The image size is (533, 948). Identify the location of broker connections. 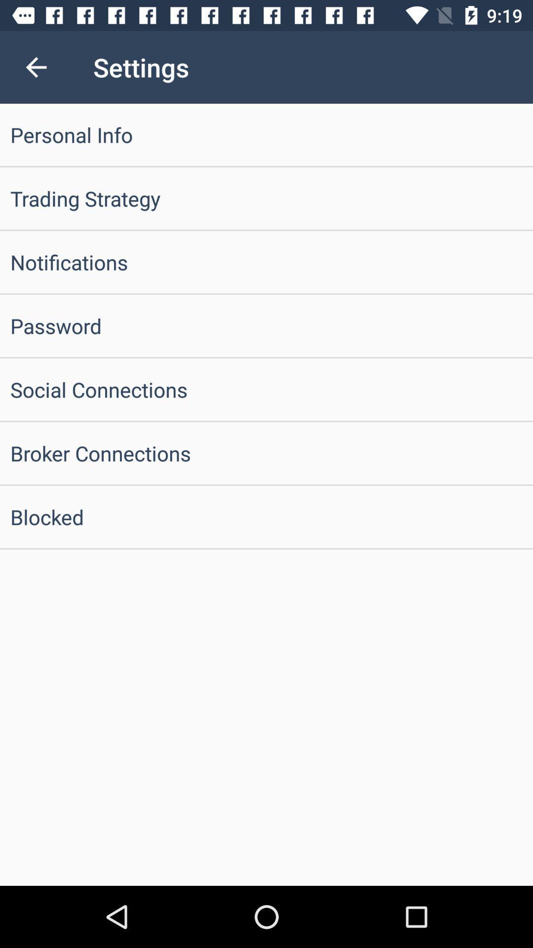
(266, 452).